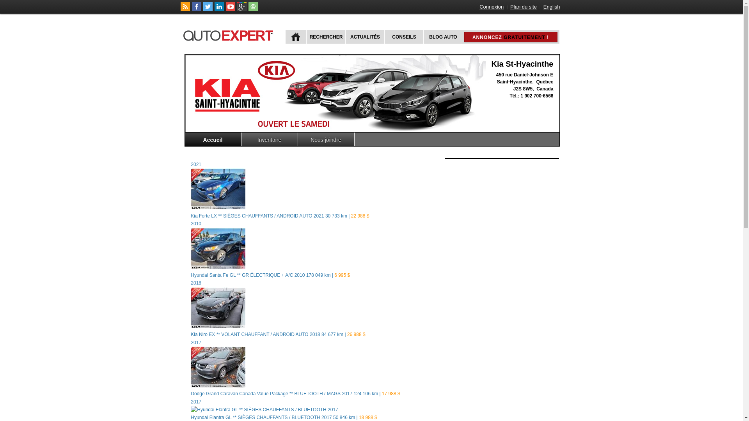 The width and height of the screenshot is (749, 421). Describe the element at coordinates (241, 9) in the screenshot. I see `'Suivez autoExpert.ca sur Google Plus'` at that location.